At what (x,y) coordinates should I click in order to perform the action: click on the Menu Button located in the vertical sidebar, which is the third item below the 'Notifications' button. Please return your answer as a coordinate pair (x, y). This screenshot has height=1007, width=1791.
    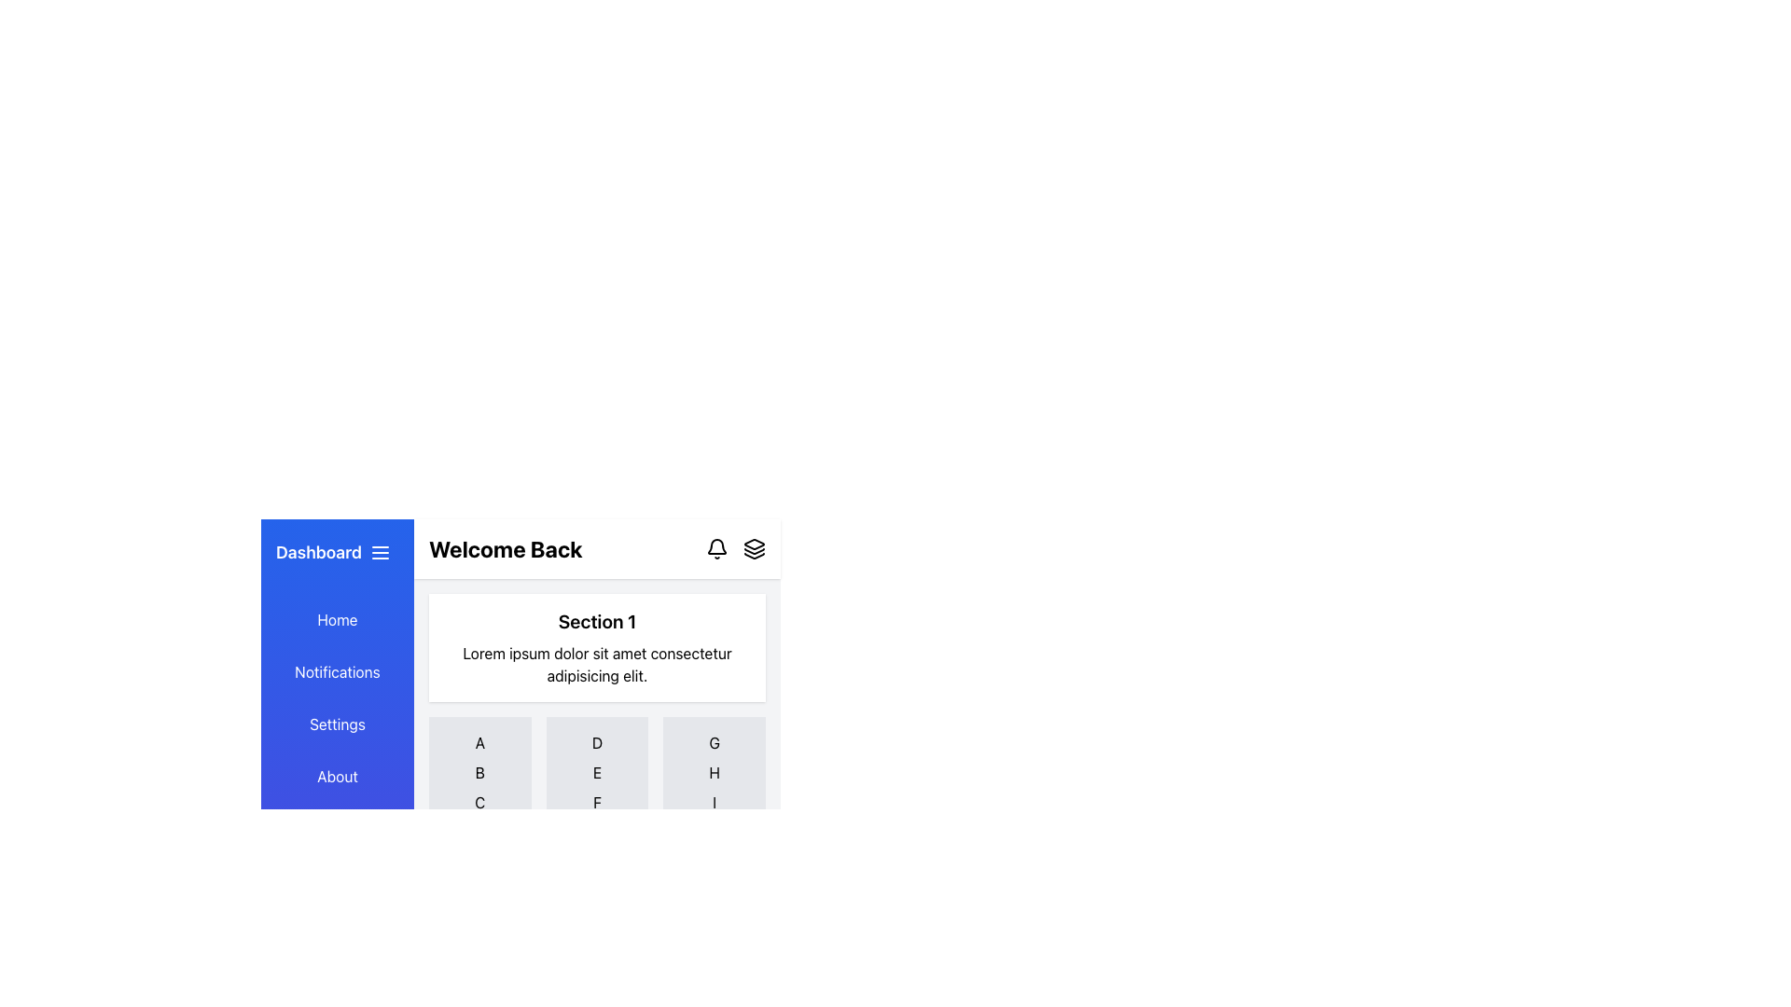
    Looking at the image, I should click on (337, 723).